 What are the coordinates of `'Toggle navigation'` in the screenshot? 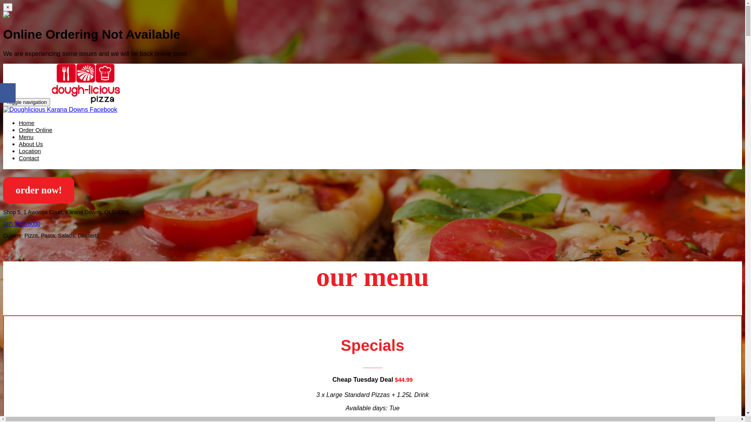 It's located at (26, 102).